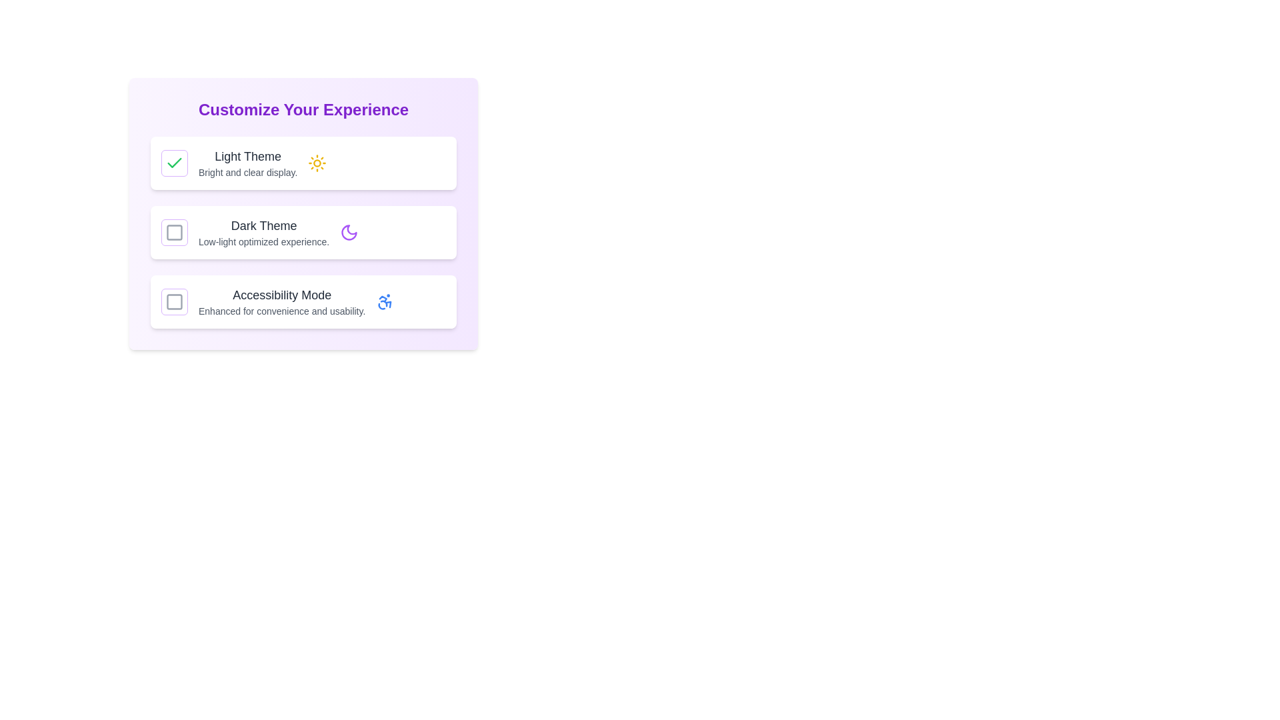 The width and height of the screenshot is (1280, 720). What do you see at coordinates (264, 231) in the screenshot?
I see `the 'Dark Theme' text label that provides information about this mode's purpose and benefits, positioned centrally below the 'Light Theme' option and above the 'Accessibility Mode' option` at bounding box center [264, 231].